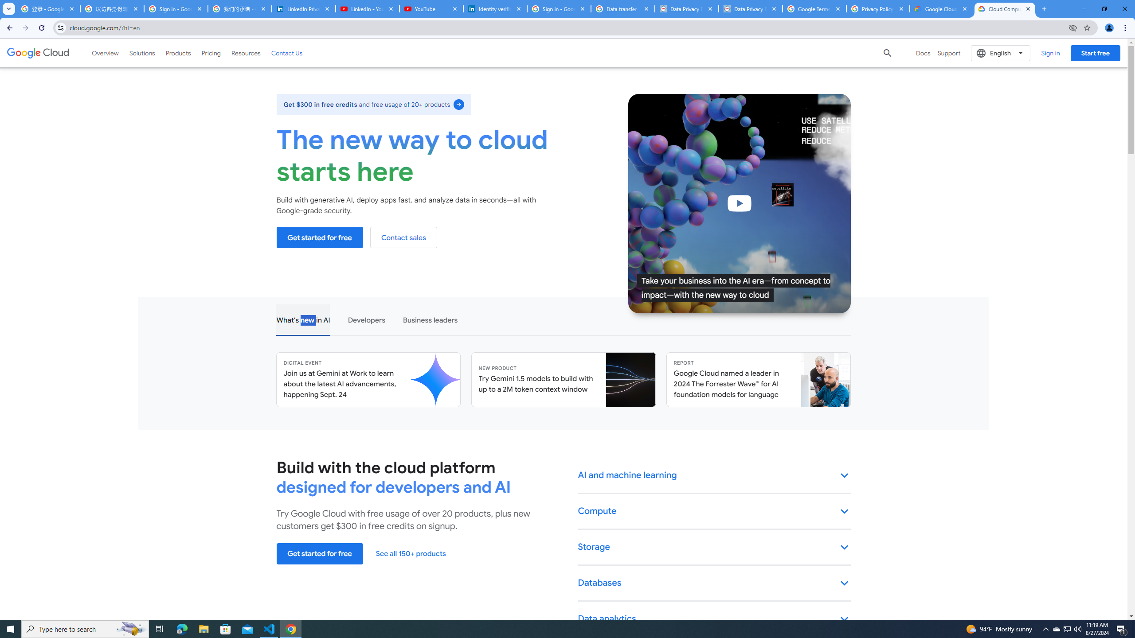 Image resolution: width=1135 pixels, height=638 pixels. Describe the element at coordinates (403, 237) in the screenshot. I see `'Contact sales'` at that location.